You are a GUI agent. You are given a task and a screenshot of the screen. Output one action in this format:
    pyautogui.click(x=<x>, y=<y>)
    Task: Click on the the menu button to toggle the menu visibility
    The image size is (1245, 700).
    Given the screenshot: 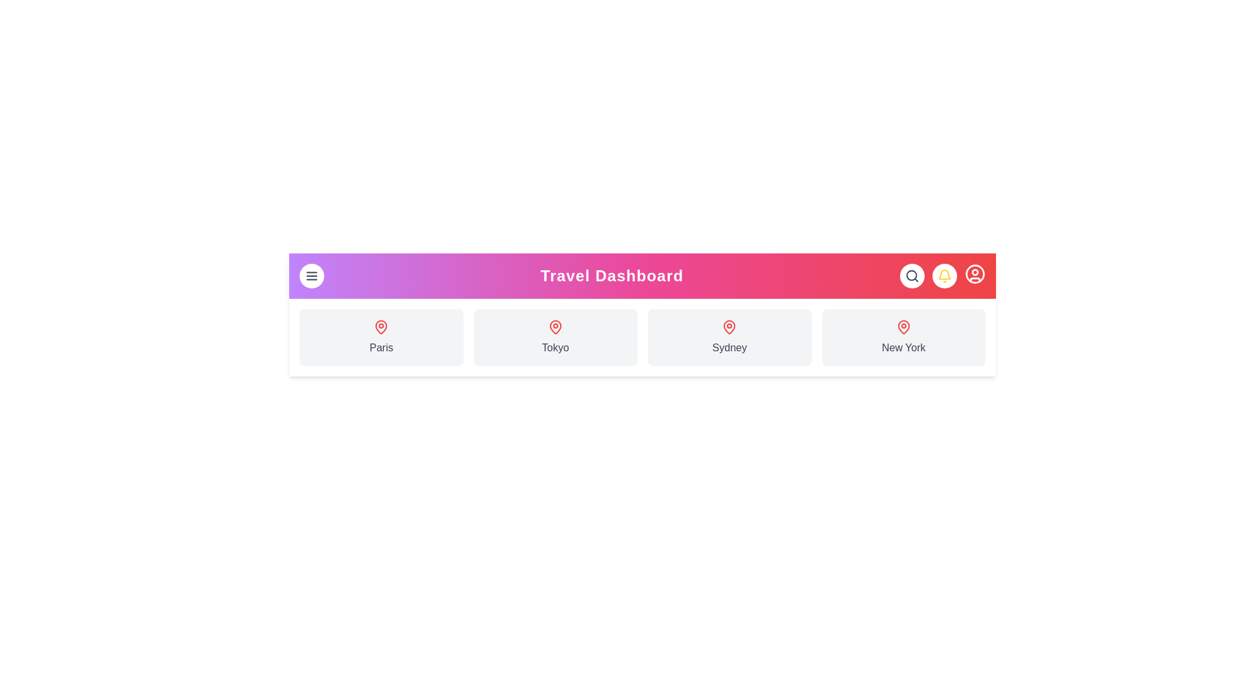 What is the action you would take?
    pyautogui.click(x=311, y=275)
    